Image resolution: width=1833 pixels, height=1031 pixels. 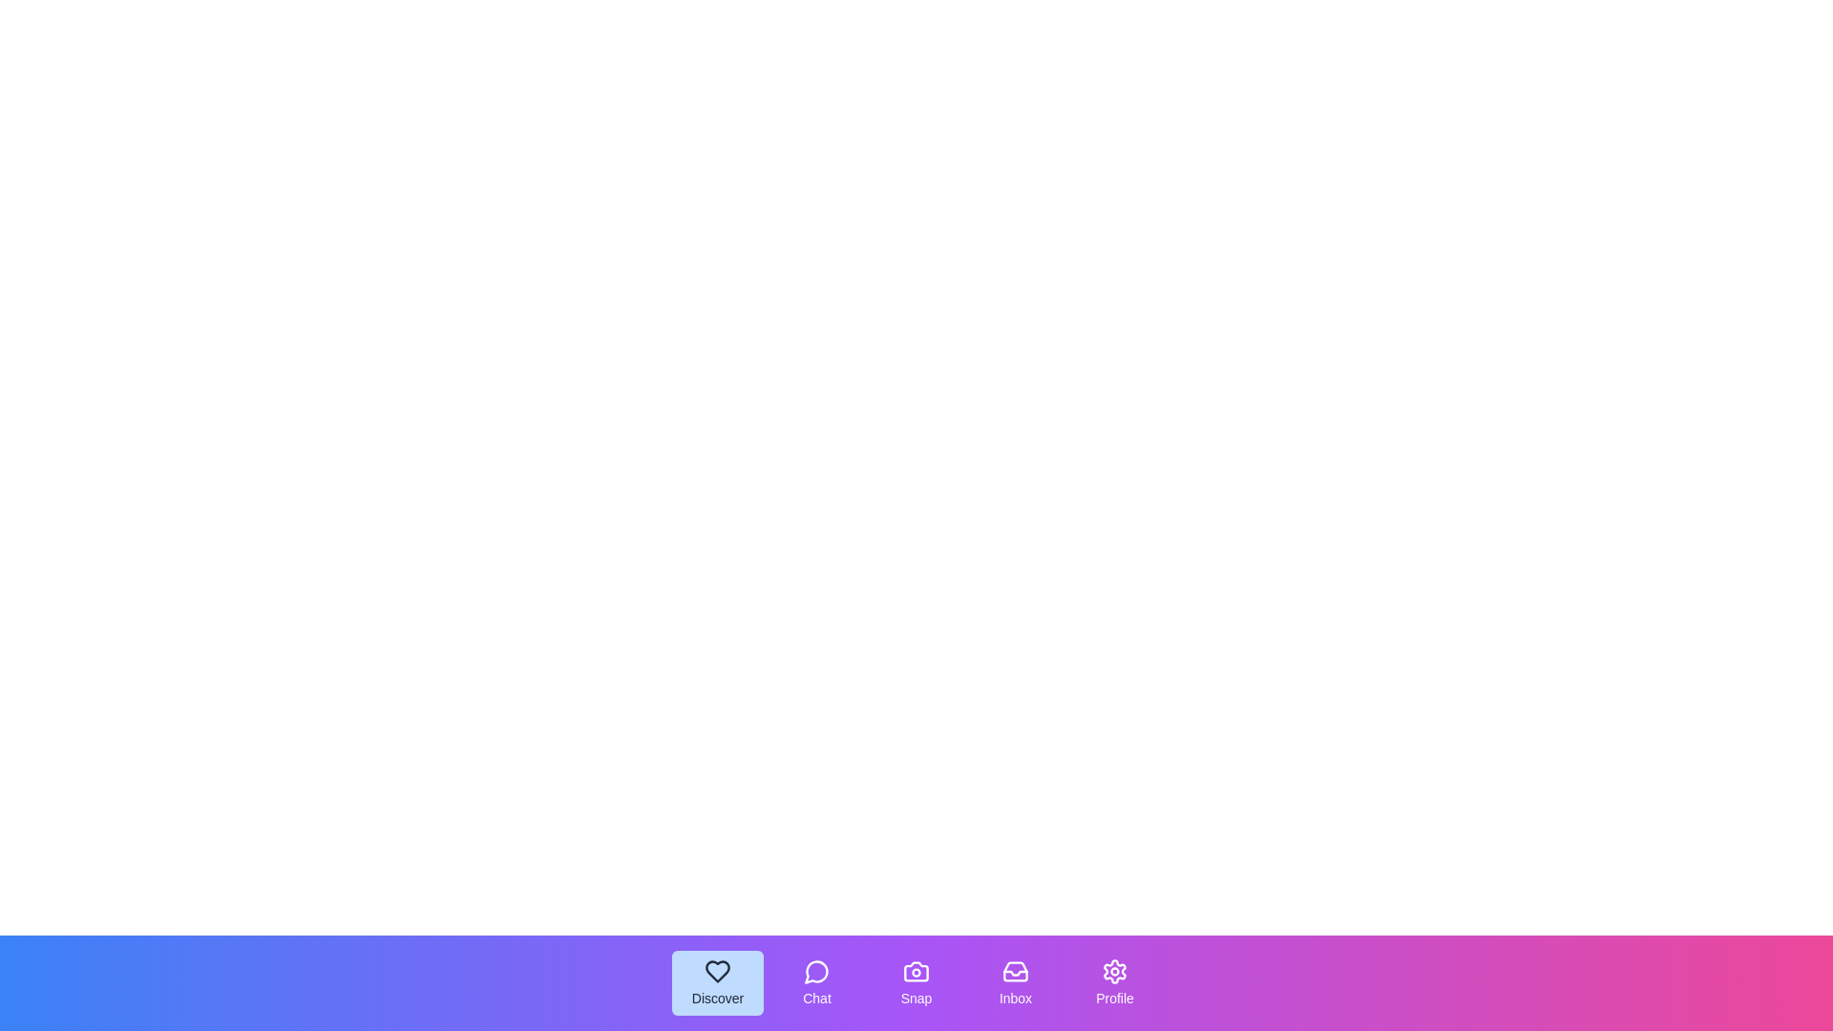 I want to click on the Inbox tab by clicking on its button, so click(x=1015, y=982).